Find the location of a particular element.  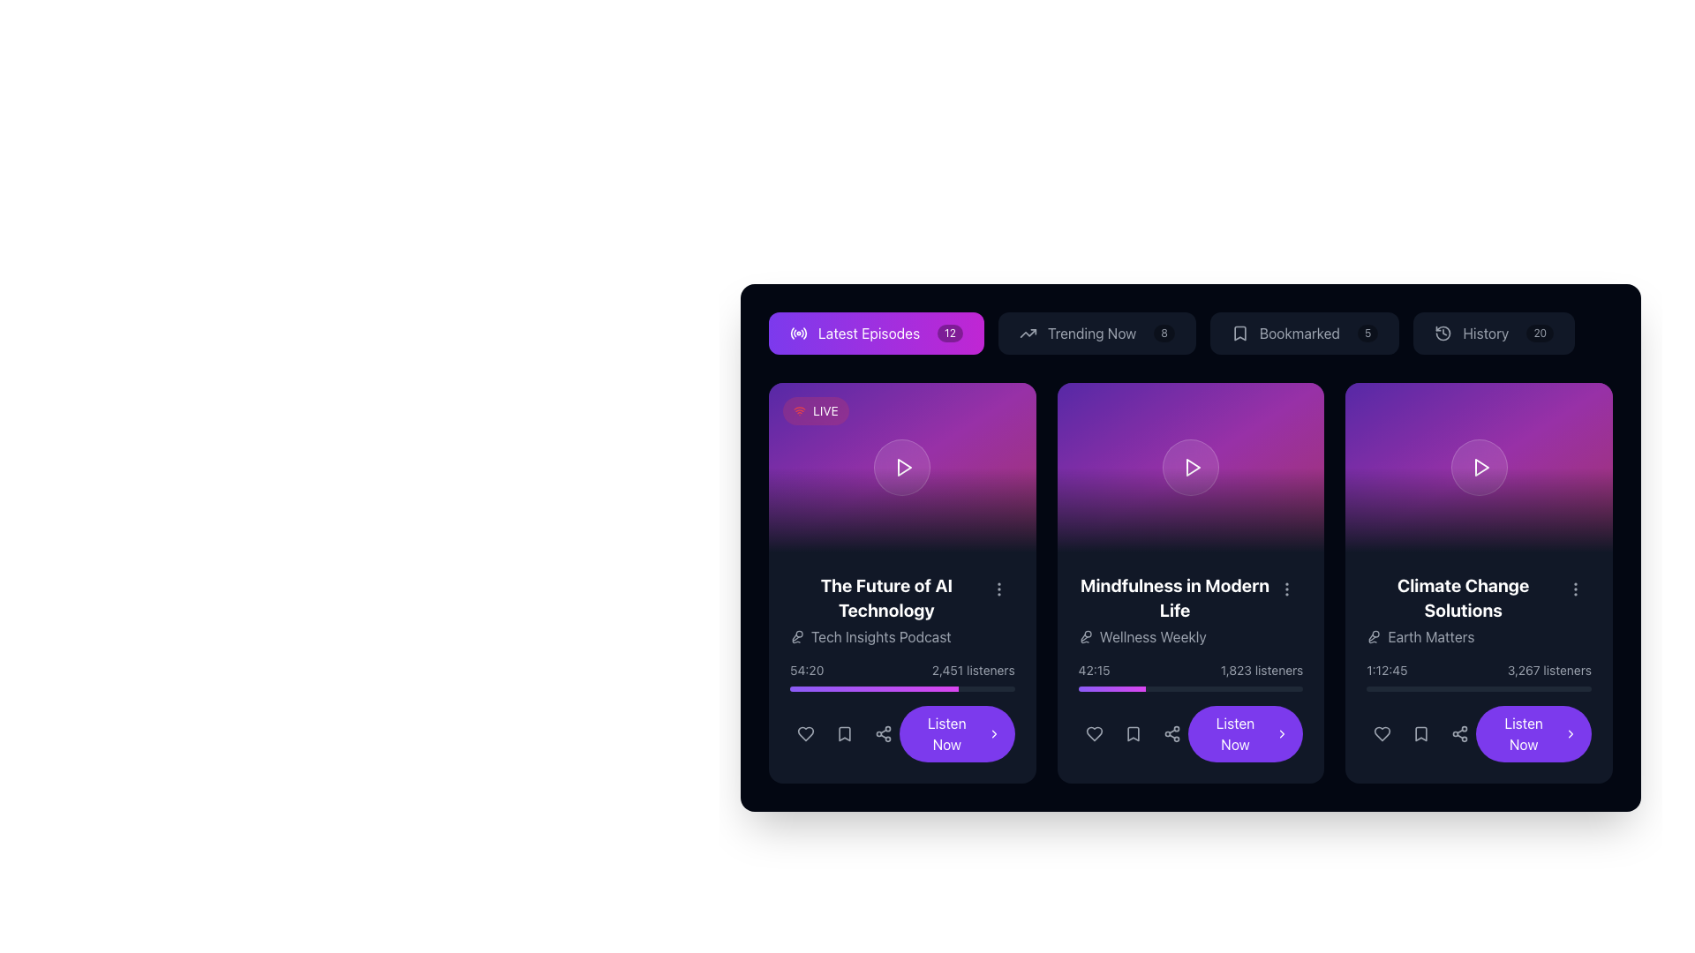

progress is located at coordinates (1125, 687).